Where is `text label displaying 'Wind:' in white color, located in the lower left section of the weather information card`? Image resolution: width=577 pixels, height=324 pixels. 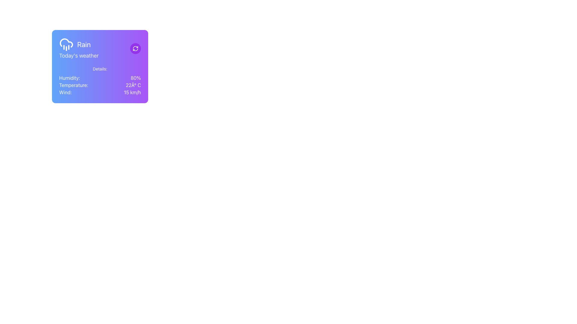
text label displaying 'Wind:' in white color, located in the lower left section of the weather information card is located at coordinates (65, 92).